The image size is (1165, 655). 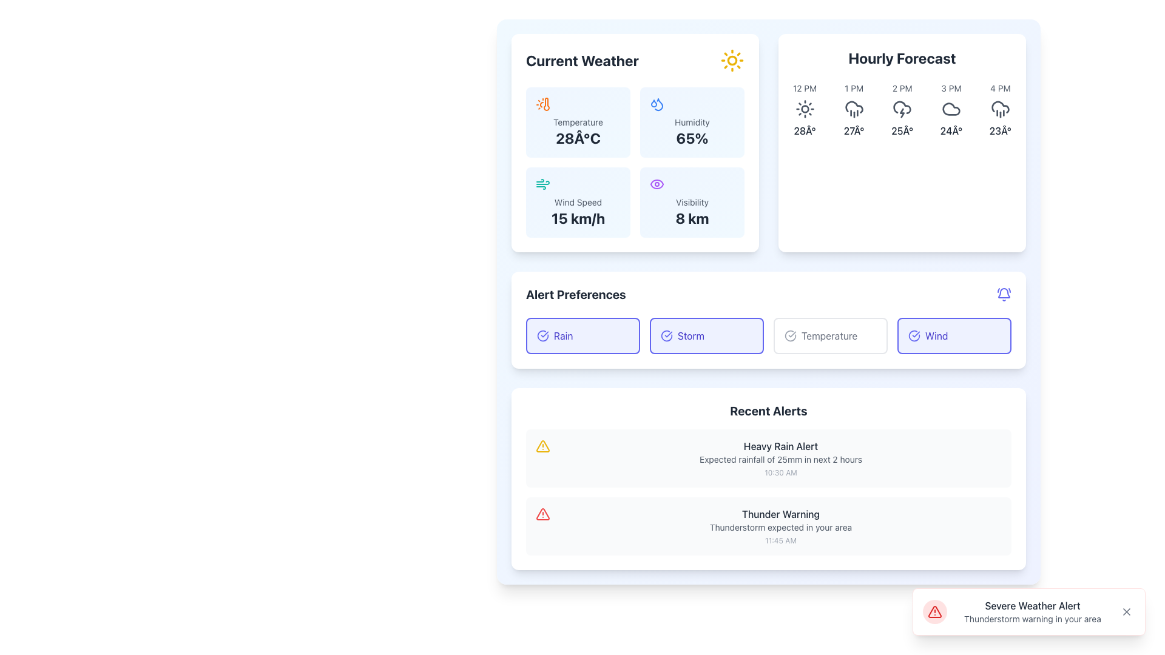 What do you see at coordinates (951, 109) in the screenshot?
I see `the weather icon representing the '3 PM' forecast in the hourly forecast section` at bounding box center [951, 109].